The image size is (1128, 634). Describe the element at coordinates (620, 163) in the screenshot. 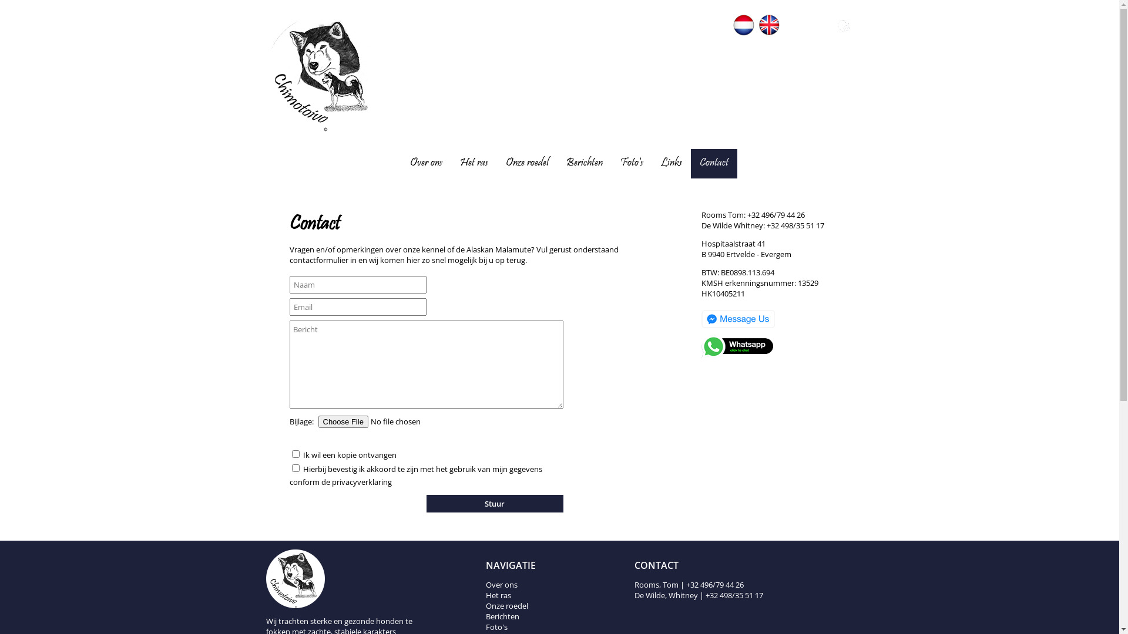

I see `'Foto's'` at that location.